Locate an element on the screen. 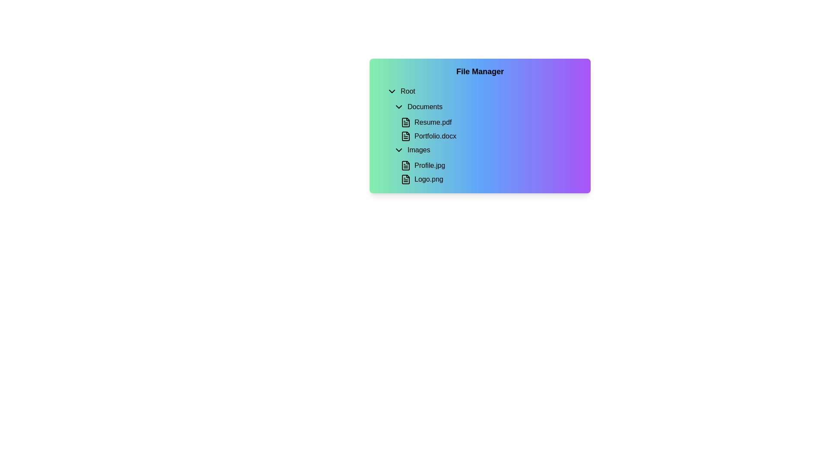  the text label displaying 'Logo.png' located within the 'Images' directory of the file manager interface is located at coordinates (429, 179).